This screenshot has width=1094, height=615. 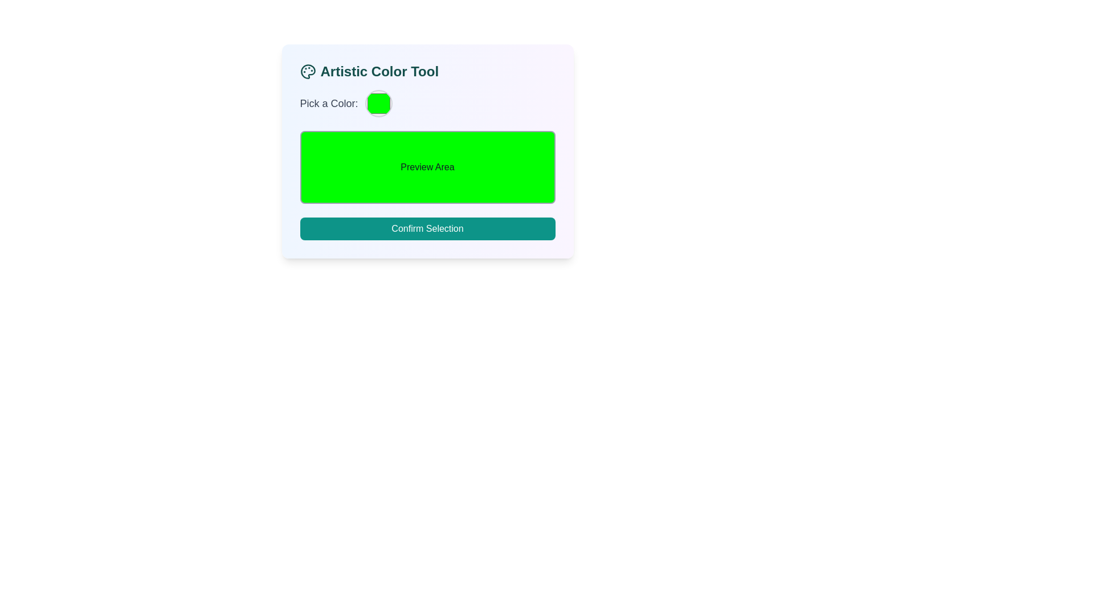 What do you see at coordinates (427, 167) in the screenshot?
I see `the Static Text Label that indicates the purpose of the preview display section, which is centrally positioned within a large green rectangle with rounded corners` at bounding box center [427, 167].